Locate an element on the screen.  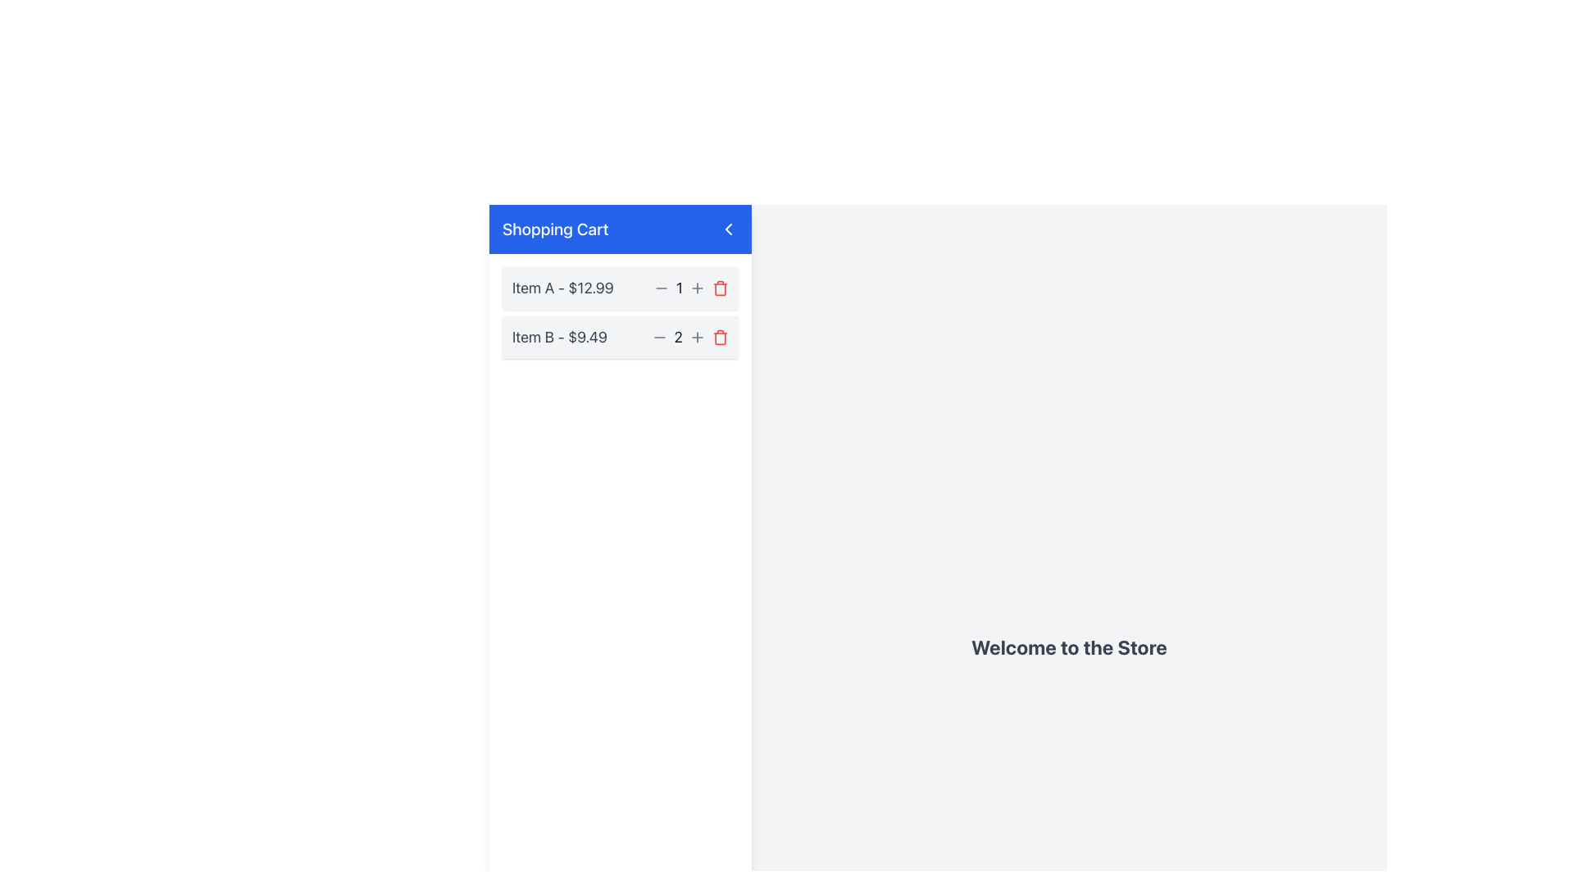
the increment button of the first shopping cart item ('Item A') in the Shopping Cart section to increase its quantity is located at coordinates (620, 287).